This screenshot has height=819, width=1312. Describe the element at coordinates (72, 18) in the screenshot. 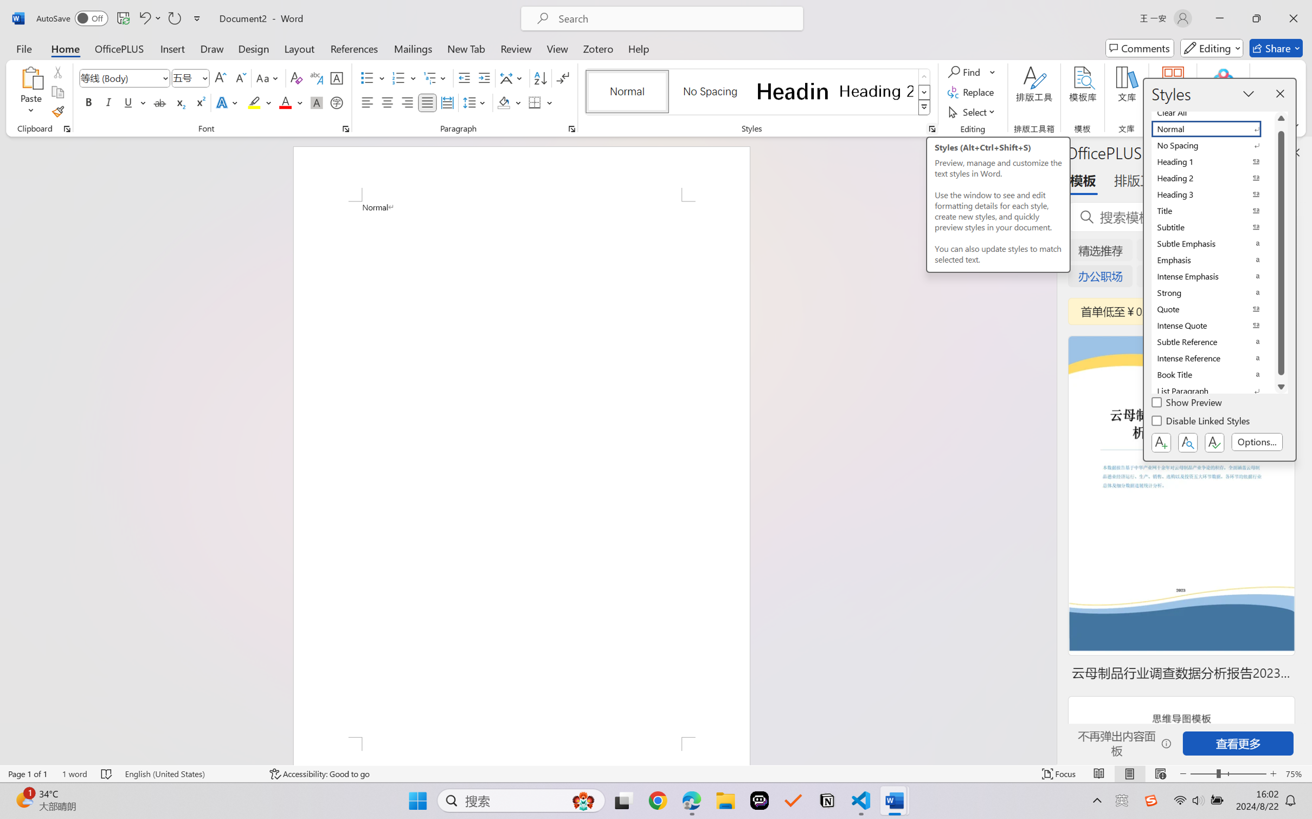

I see `'AutoSave'` at that location.